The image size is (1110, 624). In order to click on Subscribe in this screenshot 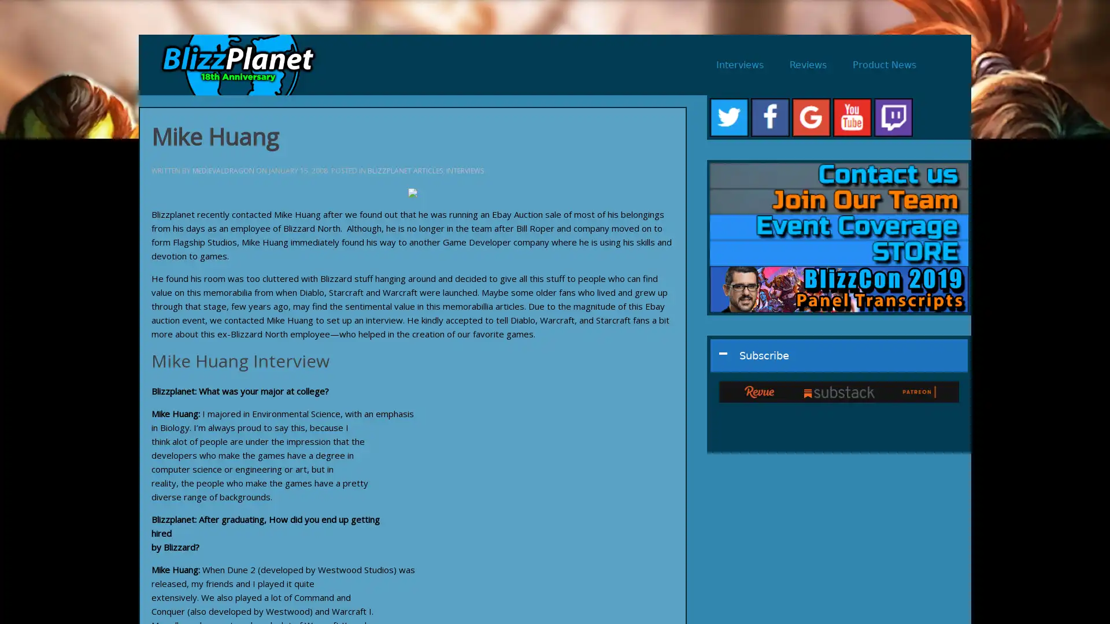, I will do `click(838, 355)`.